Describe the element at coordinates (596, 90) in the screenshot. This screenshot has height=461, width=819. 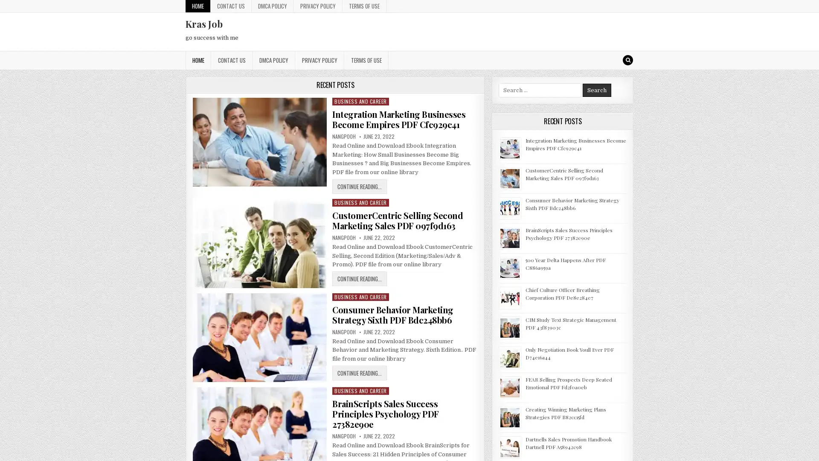
I see `Search` at that location.